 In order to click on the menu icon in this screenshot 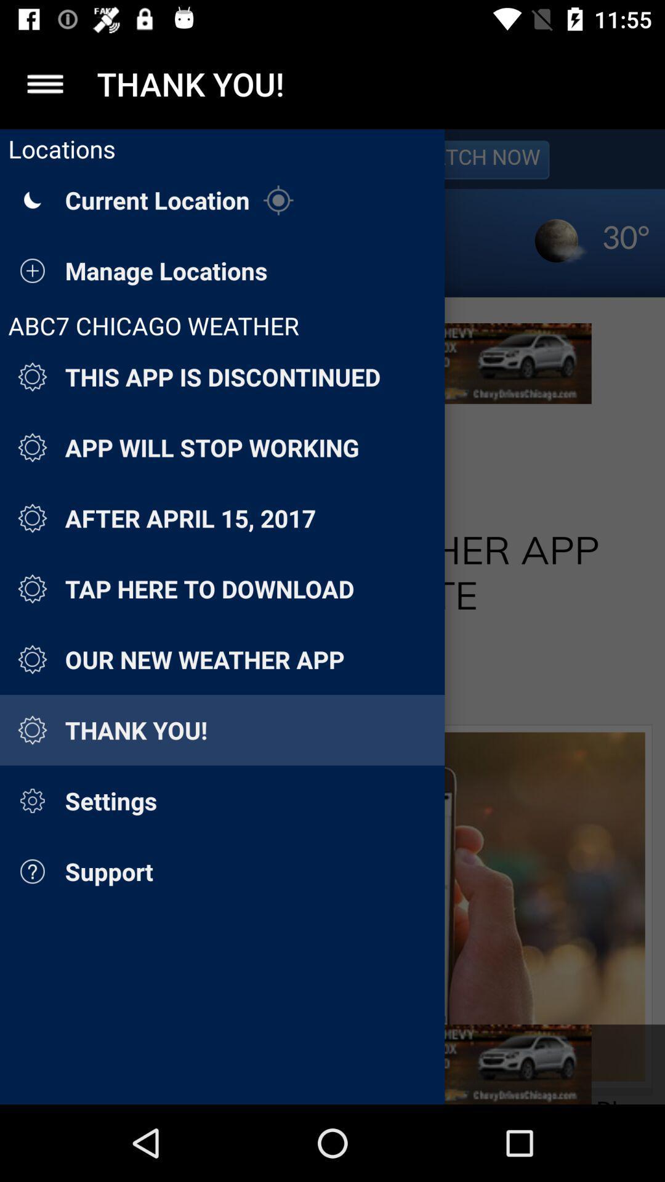, I will do `click(44, 83)`.